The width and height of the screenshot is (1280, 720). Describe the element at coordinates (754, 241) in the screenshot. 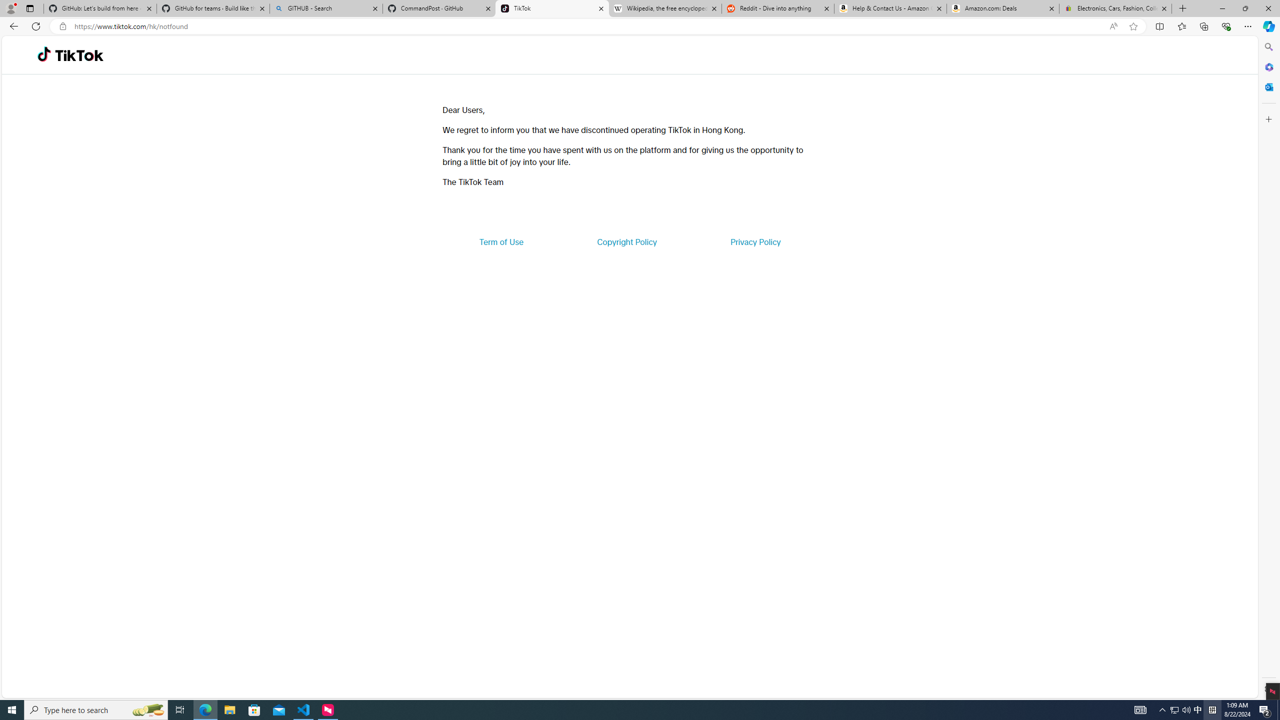

I see `'Privacy Policy'` at that location.